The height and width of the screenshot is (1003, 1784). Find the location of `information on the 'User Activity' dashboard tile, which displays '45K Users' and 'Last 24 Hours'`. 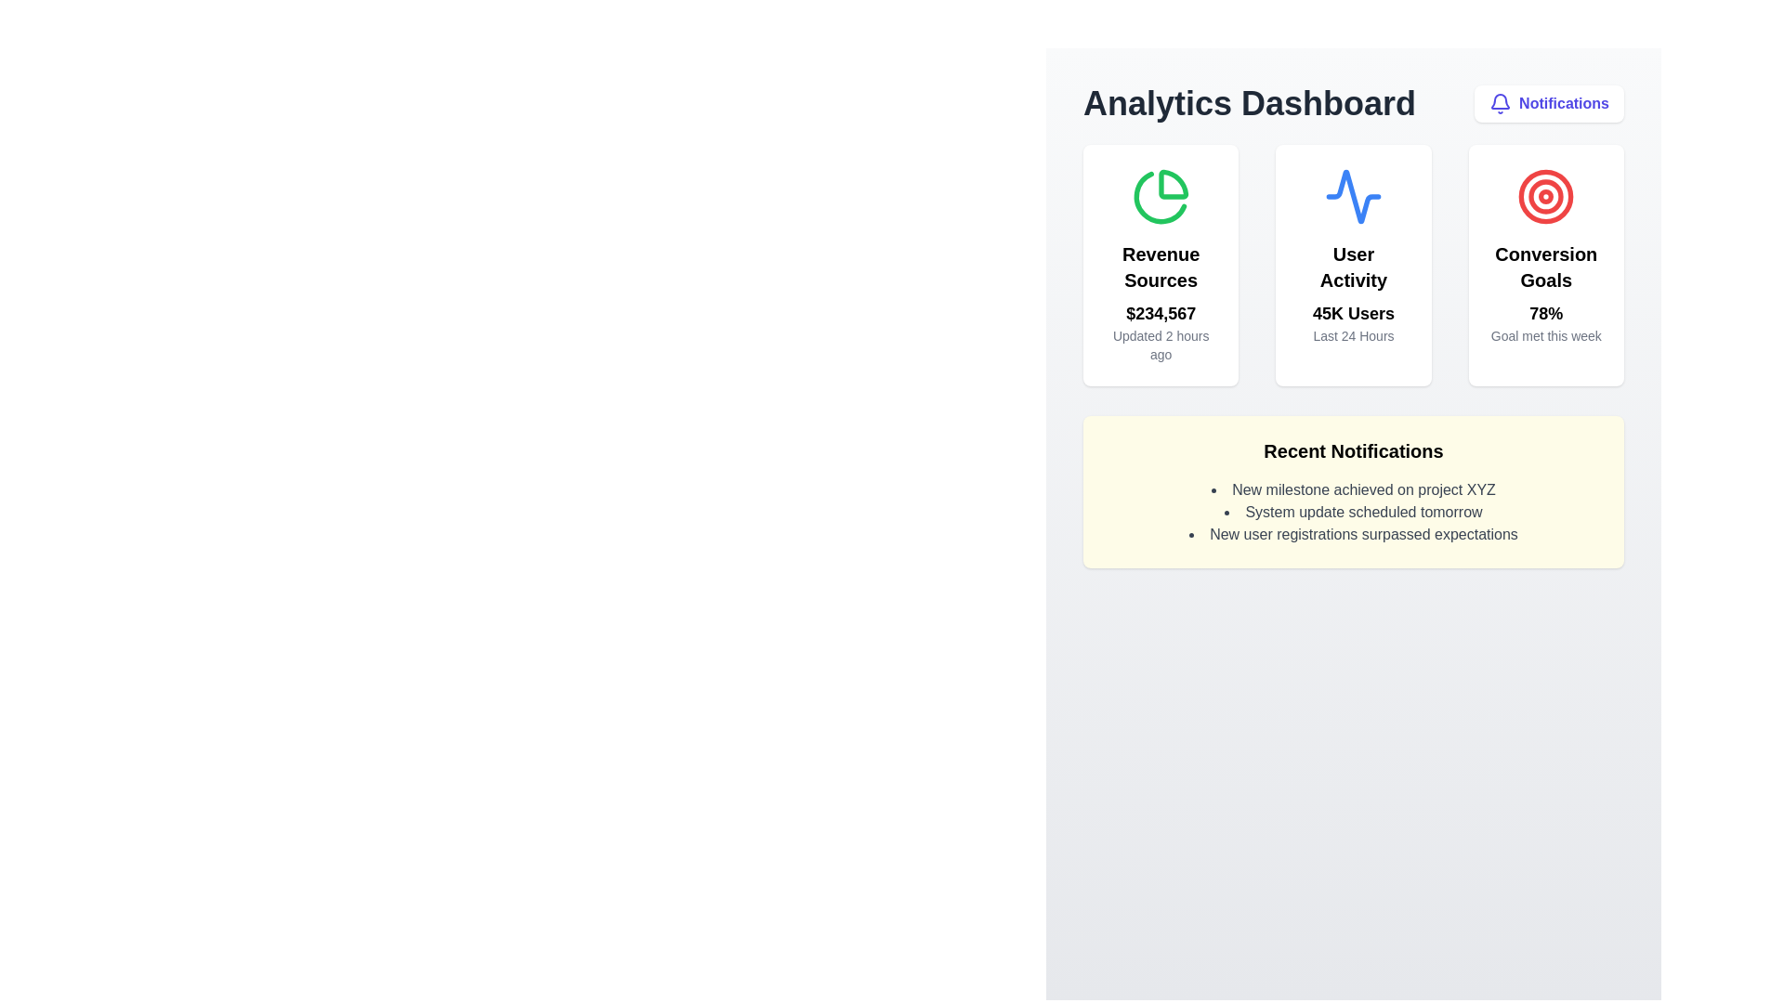

information on the 'User Activity' dashboard tile, which displays '45K Users' and 'Last 24 Hours' is located at coordinates (1354, 265).